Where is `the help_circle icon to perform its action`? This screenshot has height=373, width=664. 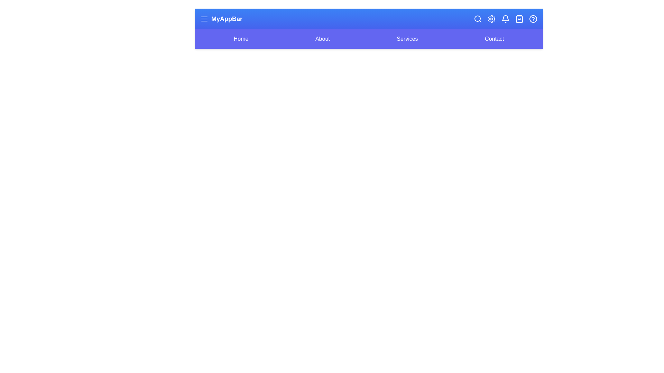
the help_circle icon to perform its action is located at coordinates (533, 18).